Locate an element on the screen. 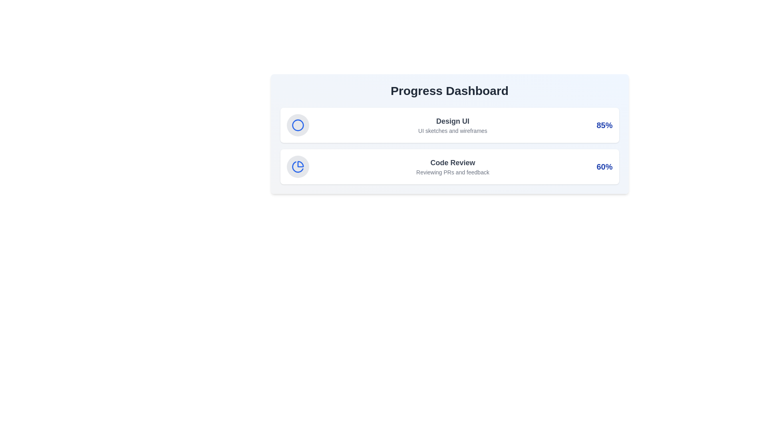  the 'Code Review' progress report icon located within the second item of the vertical list in the 'Progress Dashboard' section is located at coordinates (297, 166).